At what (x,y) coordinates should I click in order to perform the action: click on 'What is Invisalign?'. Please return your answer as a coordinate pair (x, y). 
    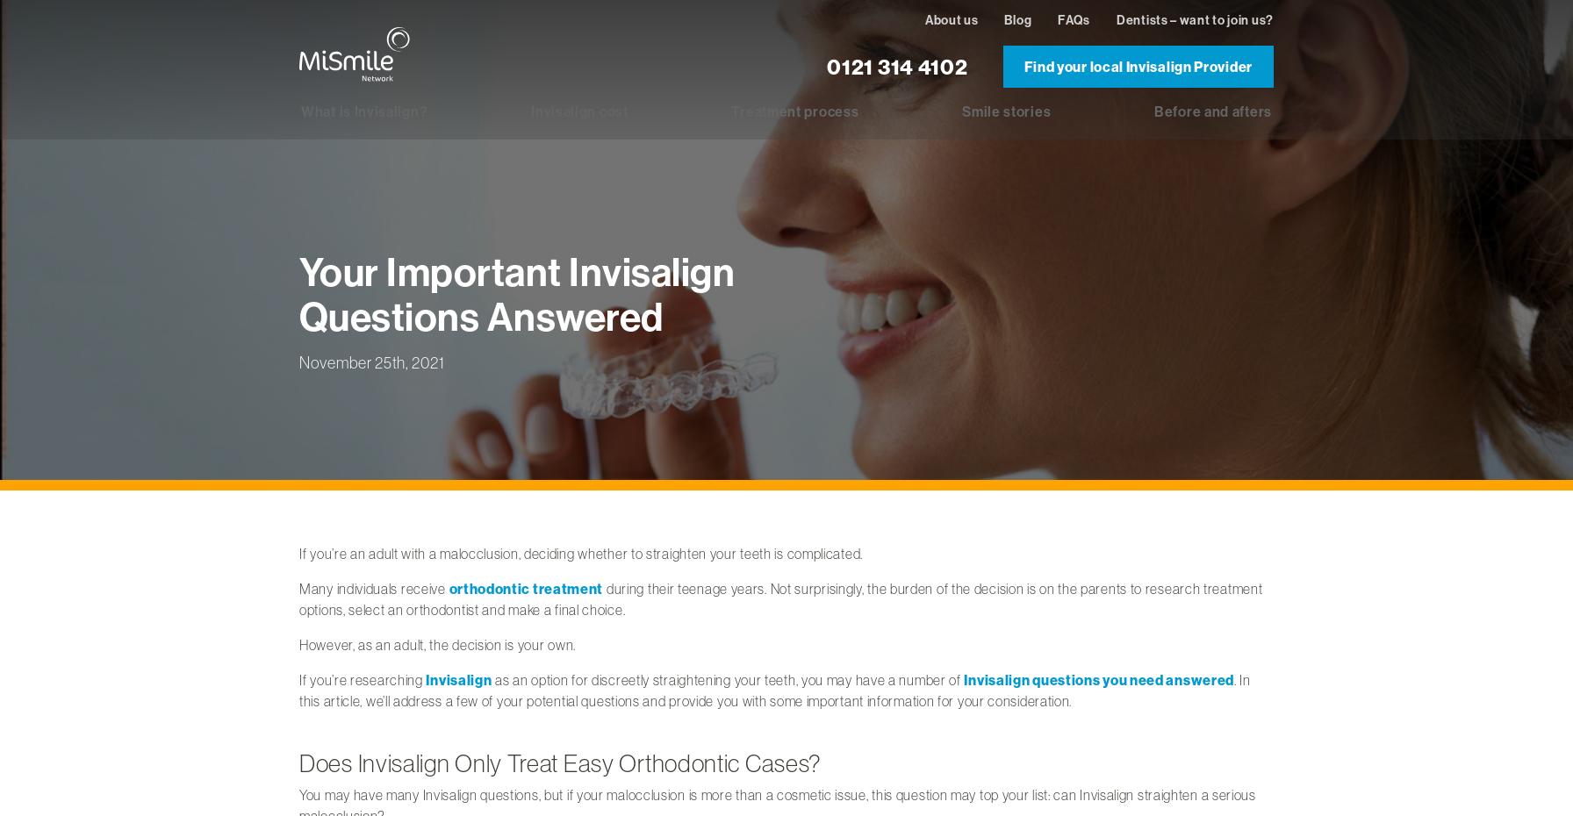
    Looking at the image, I should click on (364, 111).